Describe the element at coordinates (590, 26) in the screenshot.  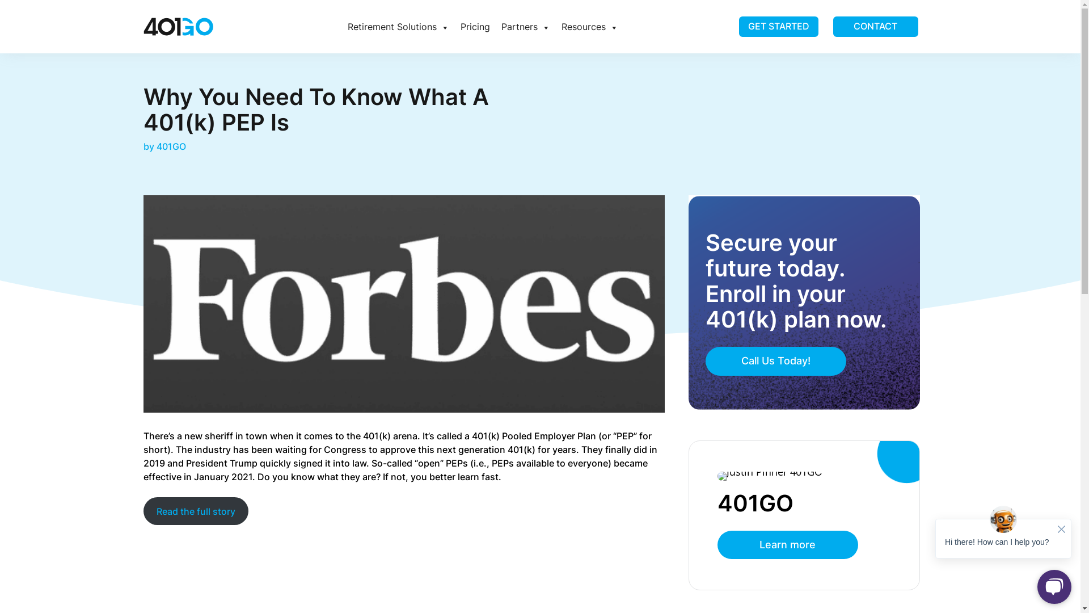
I see `'Resources'` at that location.